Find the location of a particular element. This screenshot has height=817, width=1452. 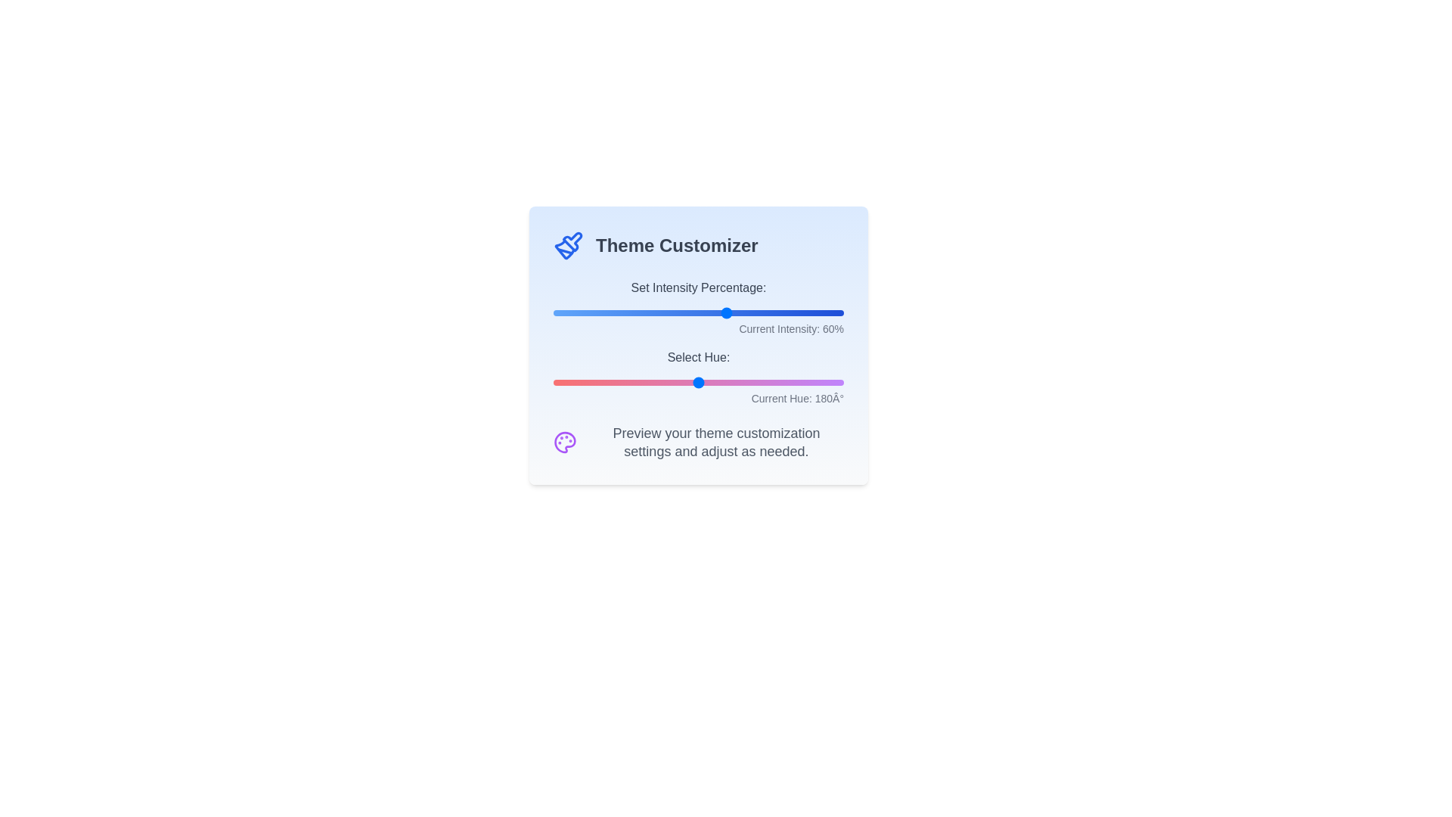

the 'Set Intensity Percentage' slider to 19% is located at coordinates (609, 312).